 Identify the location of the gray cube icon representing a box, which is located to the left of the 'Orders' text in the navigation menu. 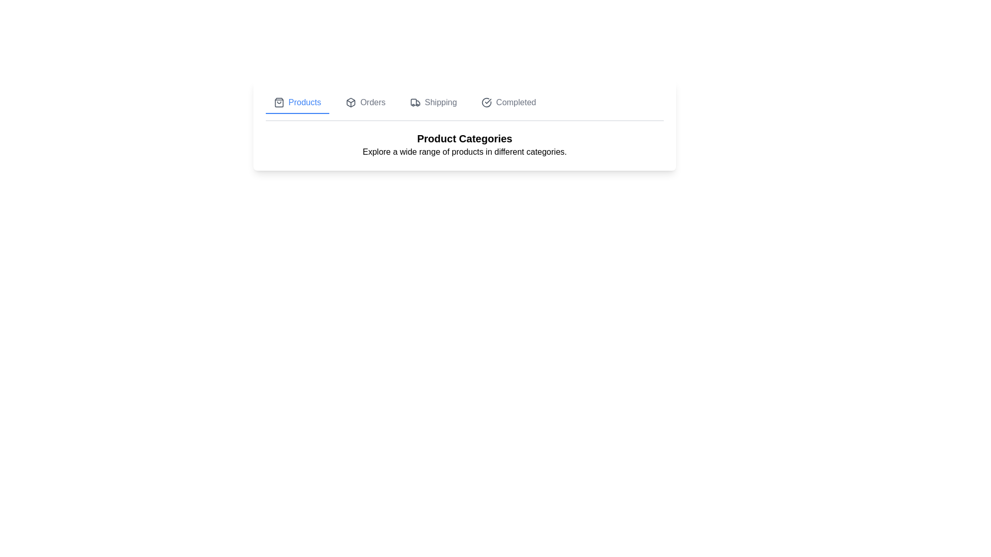
(351, 103).